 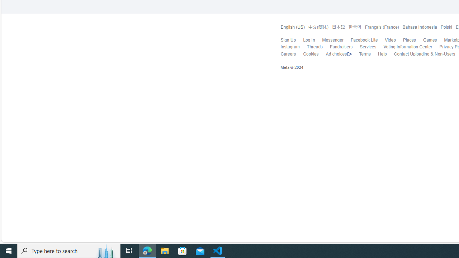 What do you see at coordinates (314, 47) in the screenshot?
I see `'Threads'` at bounding box center [314, 47].